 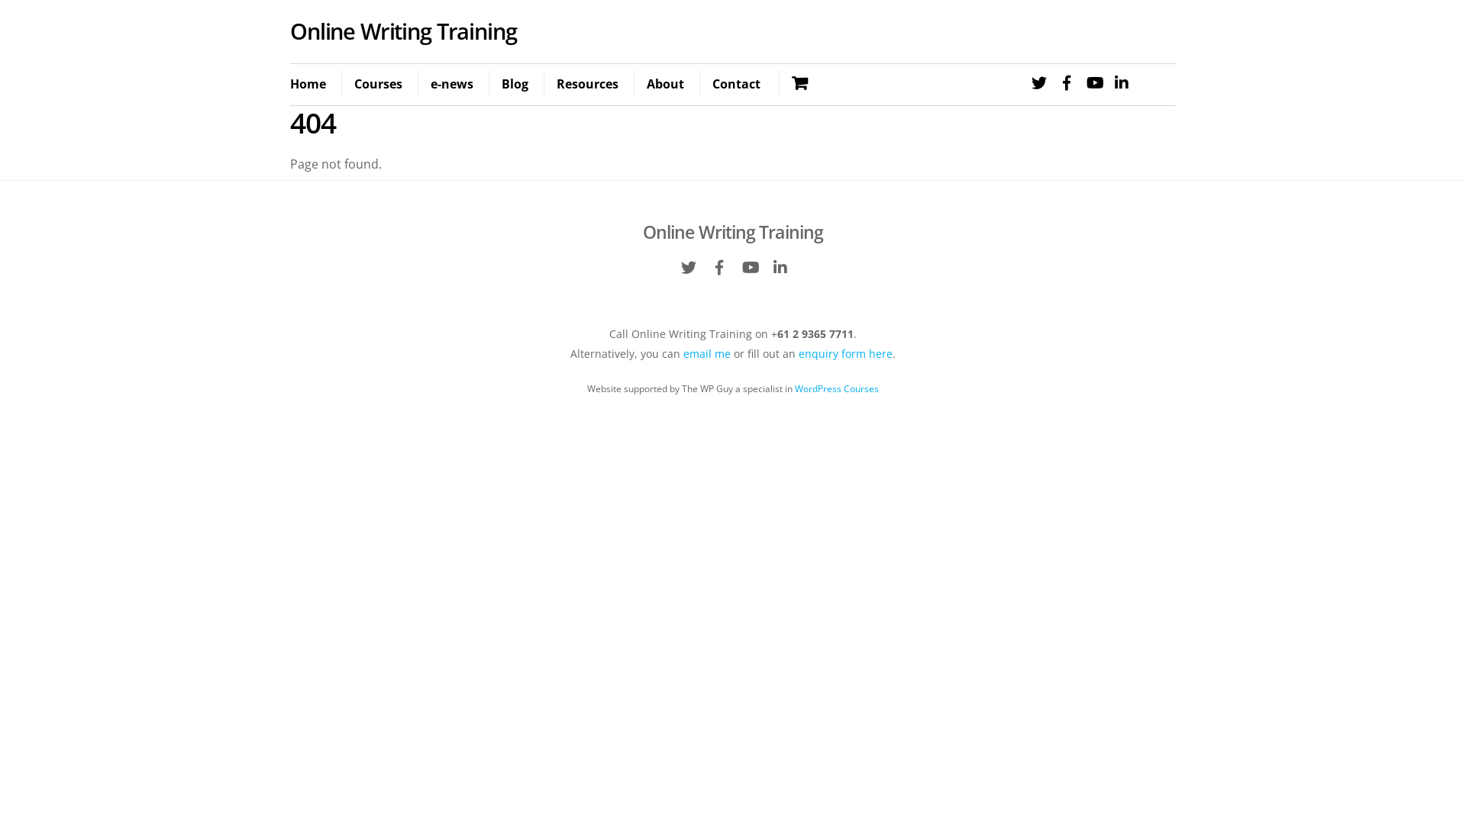 What do you see at coordinates (514, 85) in the screenshot?
I see `'Blog'` at bounding box center [514, 85].